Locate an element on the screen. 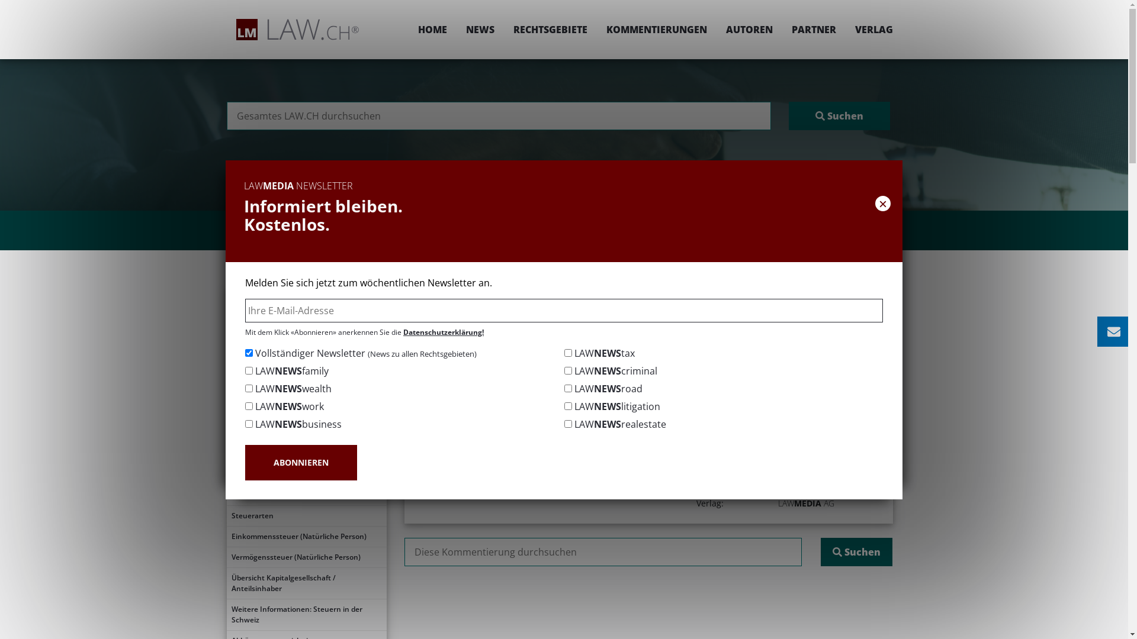  'Home' is located at coordinates (491, 293).